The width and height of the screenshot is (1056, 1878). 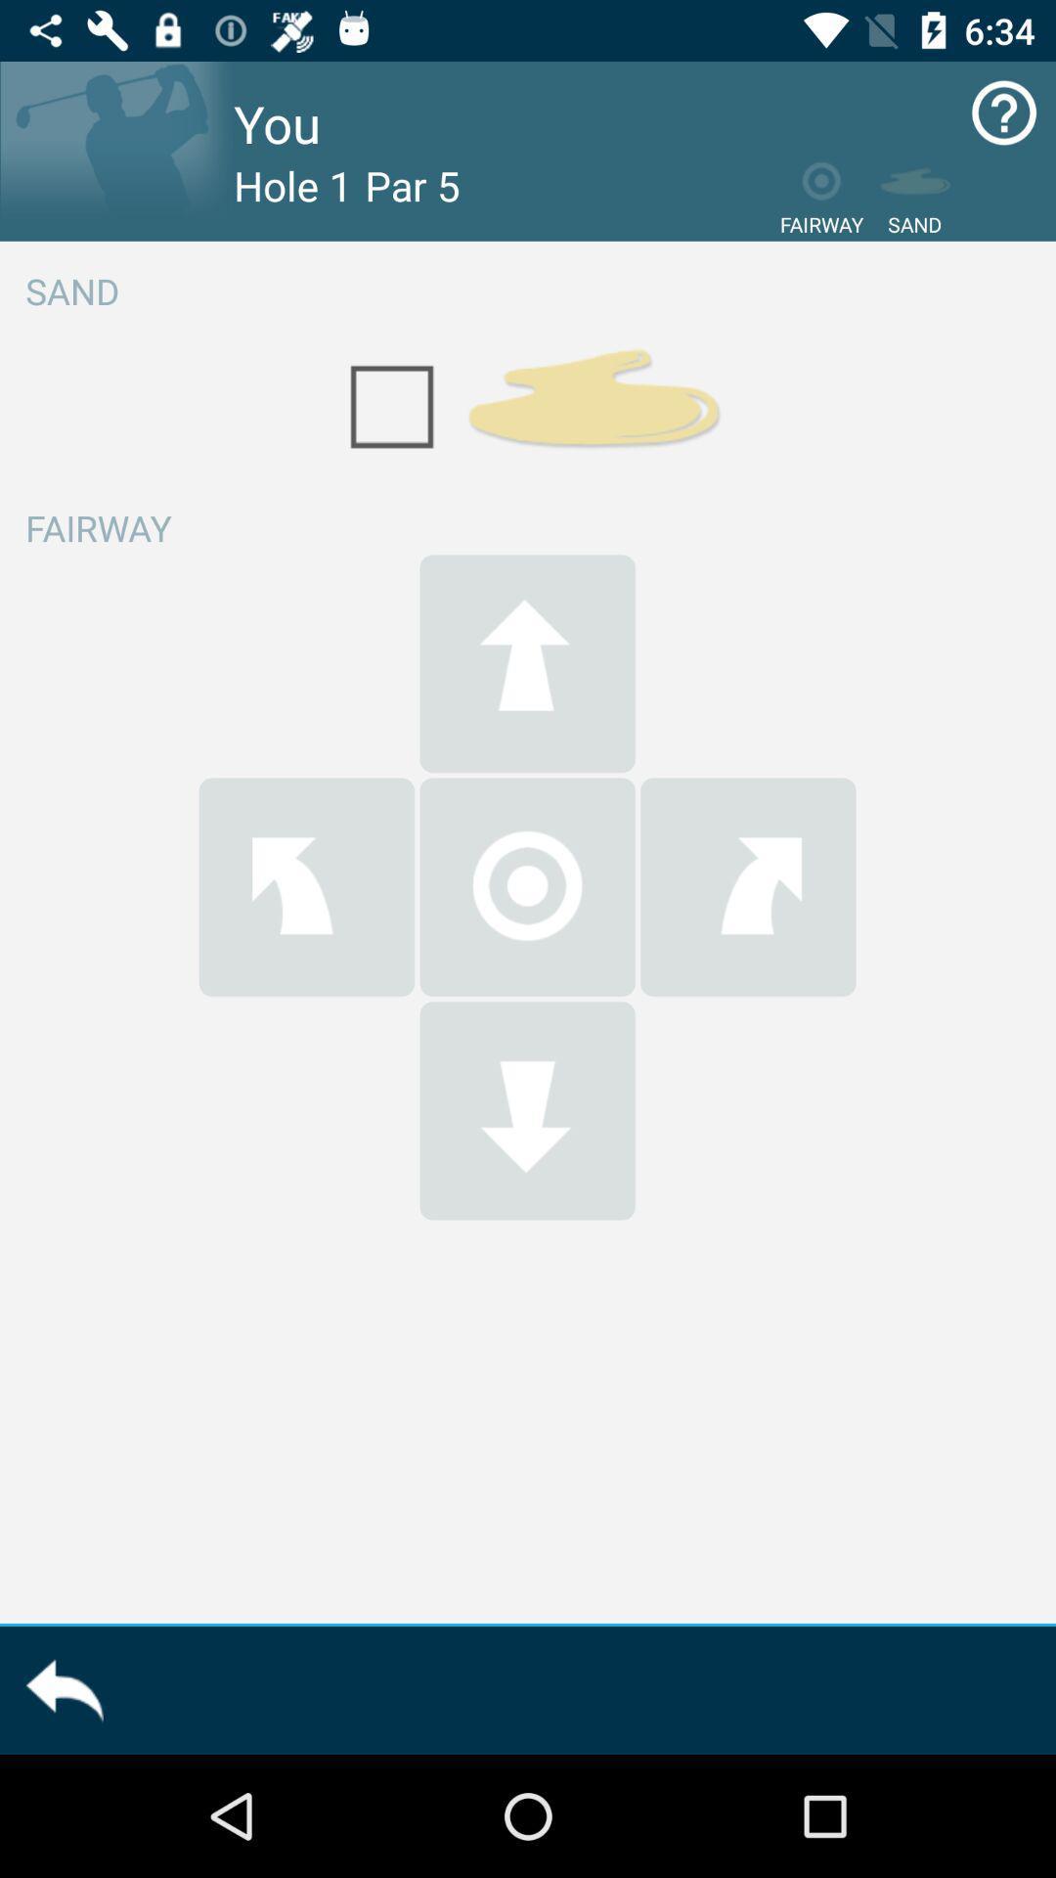 What do you see at coordinates (306, 886) in the screenshot?
I see `go left of the fairway` at bounding box center [306, 886].